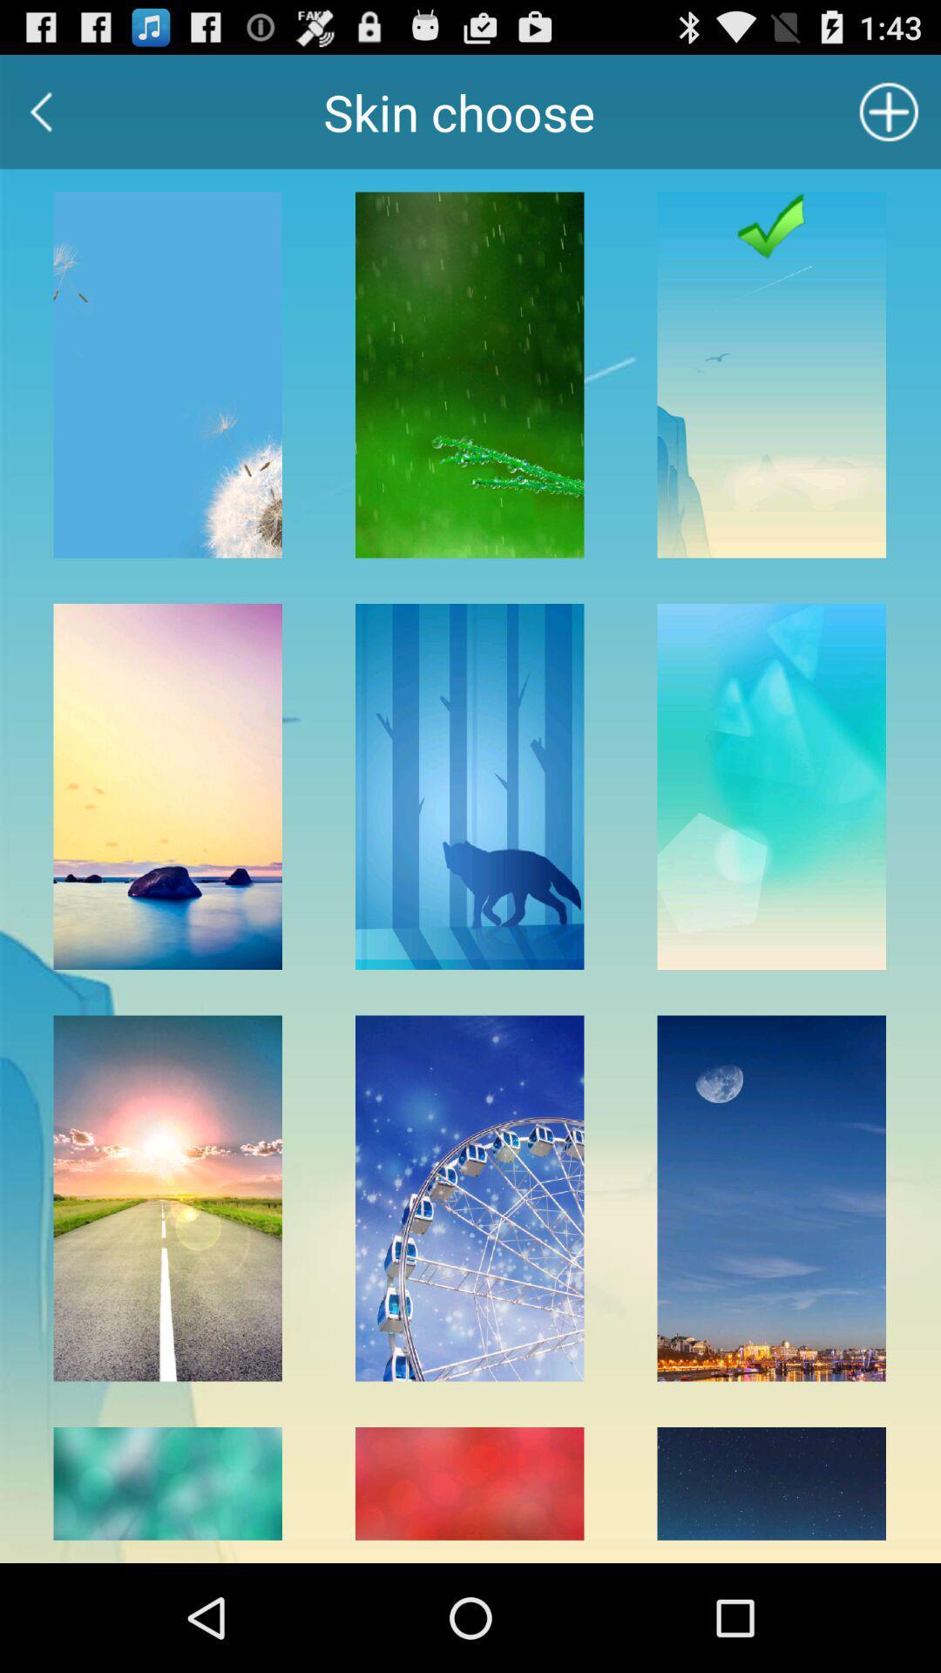  I want to click on the icon to the left of skin choose app, so click(40, 111).